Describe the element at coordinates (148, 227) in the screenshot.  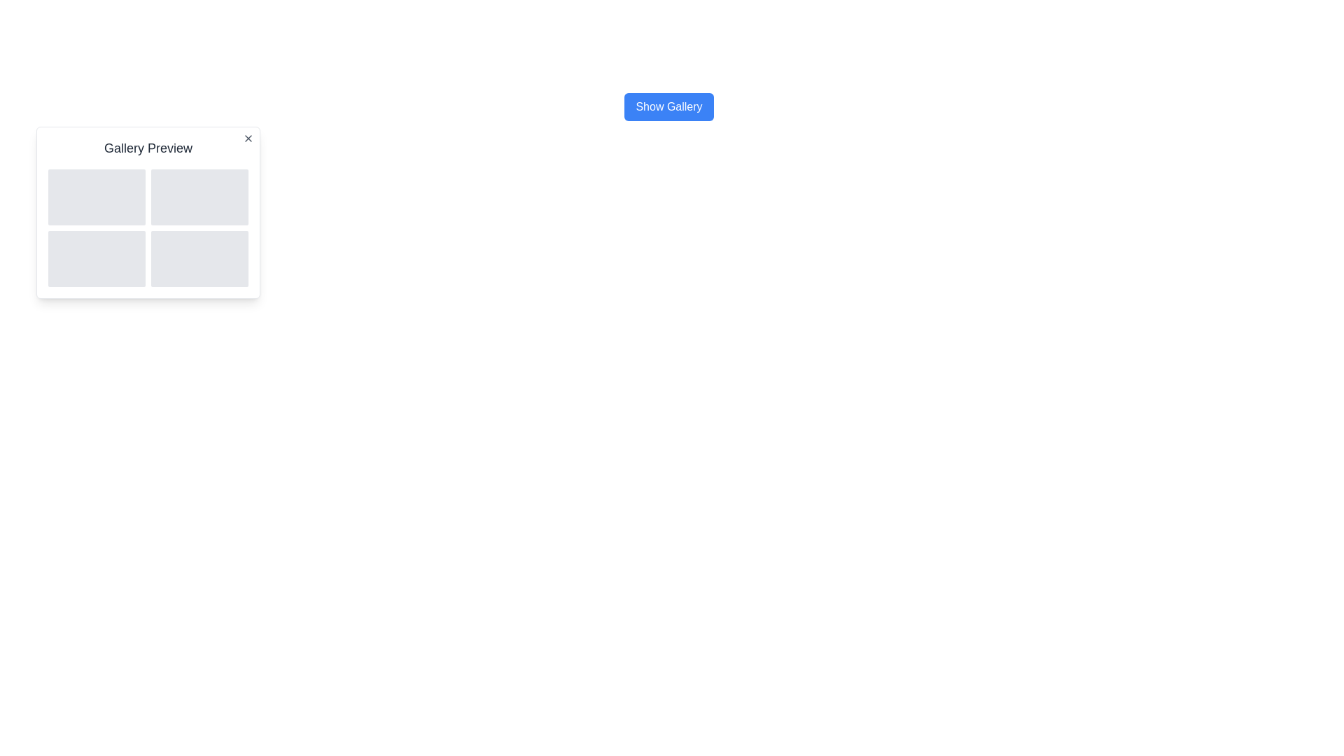
I see `one of the grid blocks` at that location.